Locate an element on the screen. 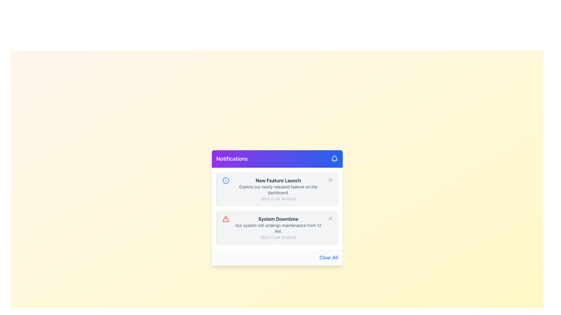 The image size is (561, 315). the information icon located at the top-left corner of the notification card for the 'New Feature Launch', positioned left of the associated text is located at coordinates (225, 180).